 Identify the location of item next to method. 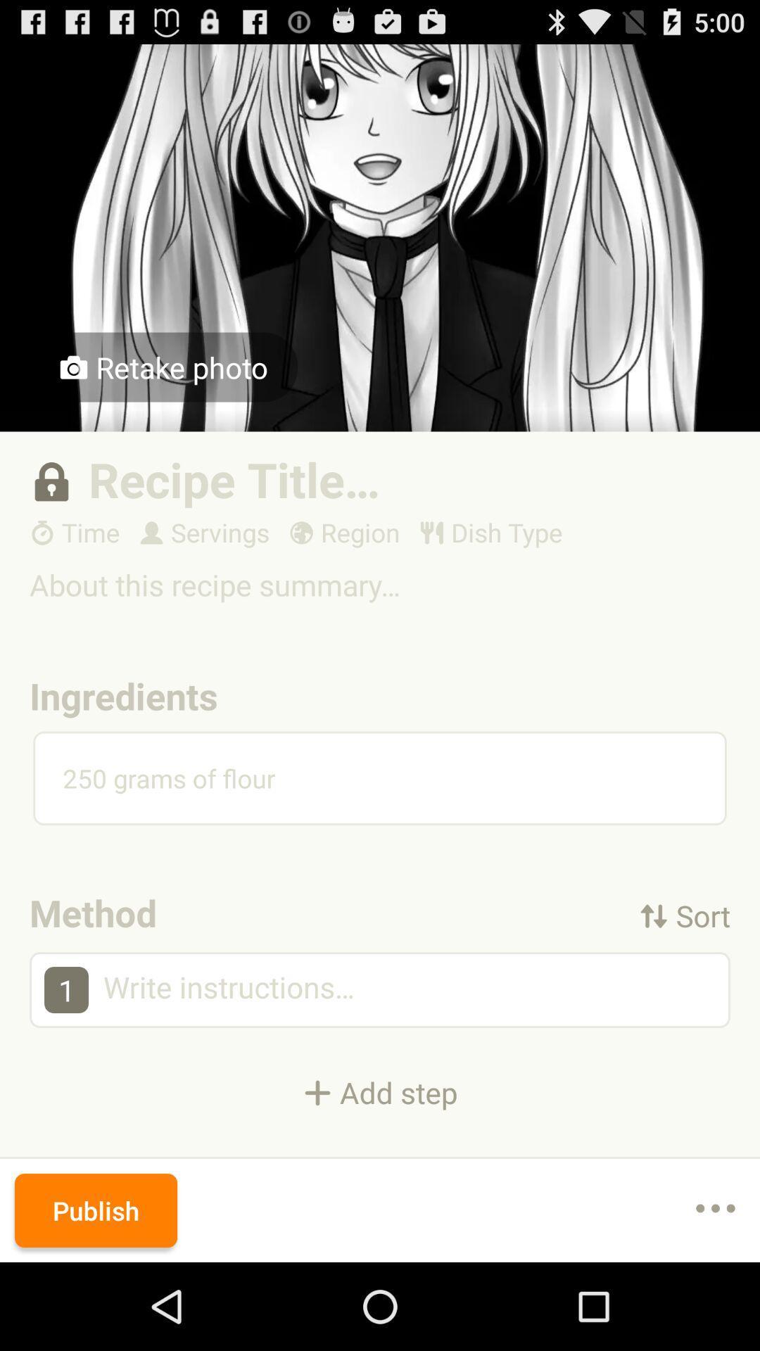
(684, 915).